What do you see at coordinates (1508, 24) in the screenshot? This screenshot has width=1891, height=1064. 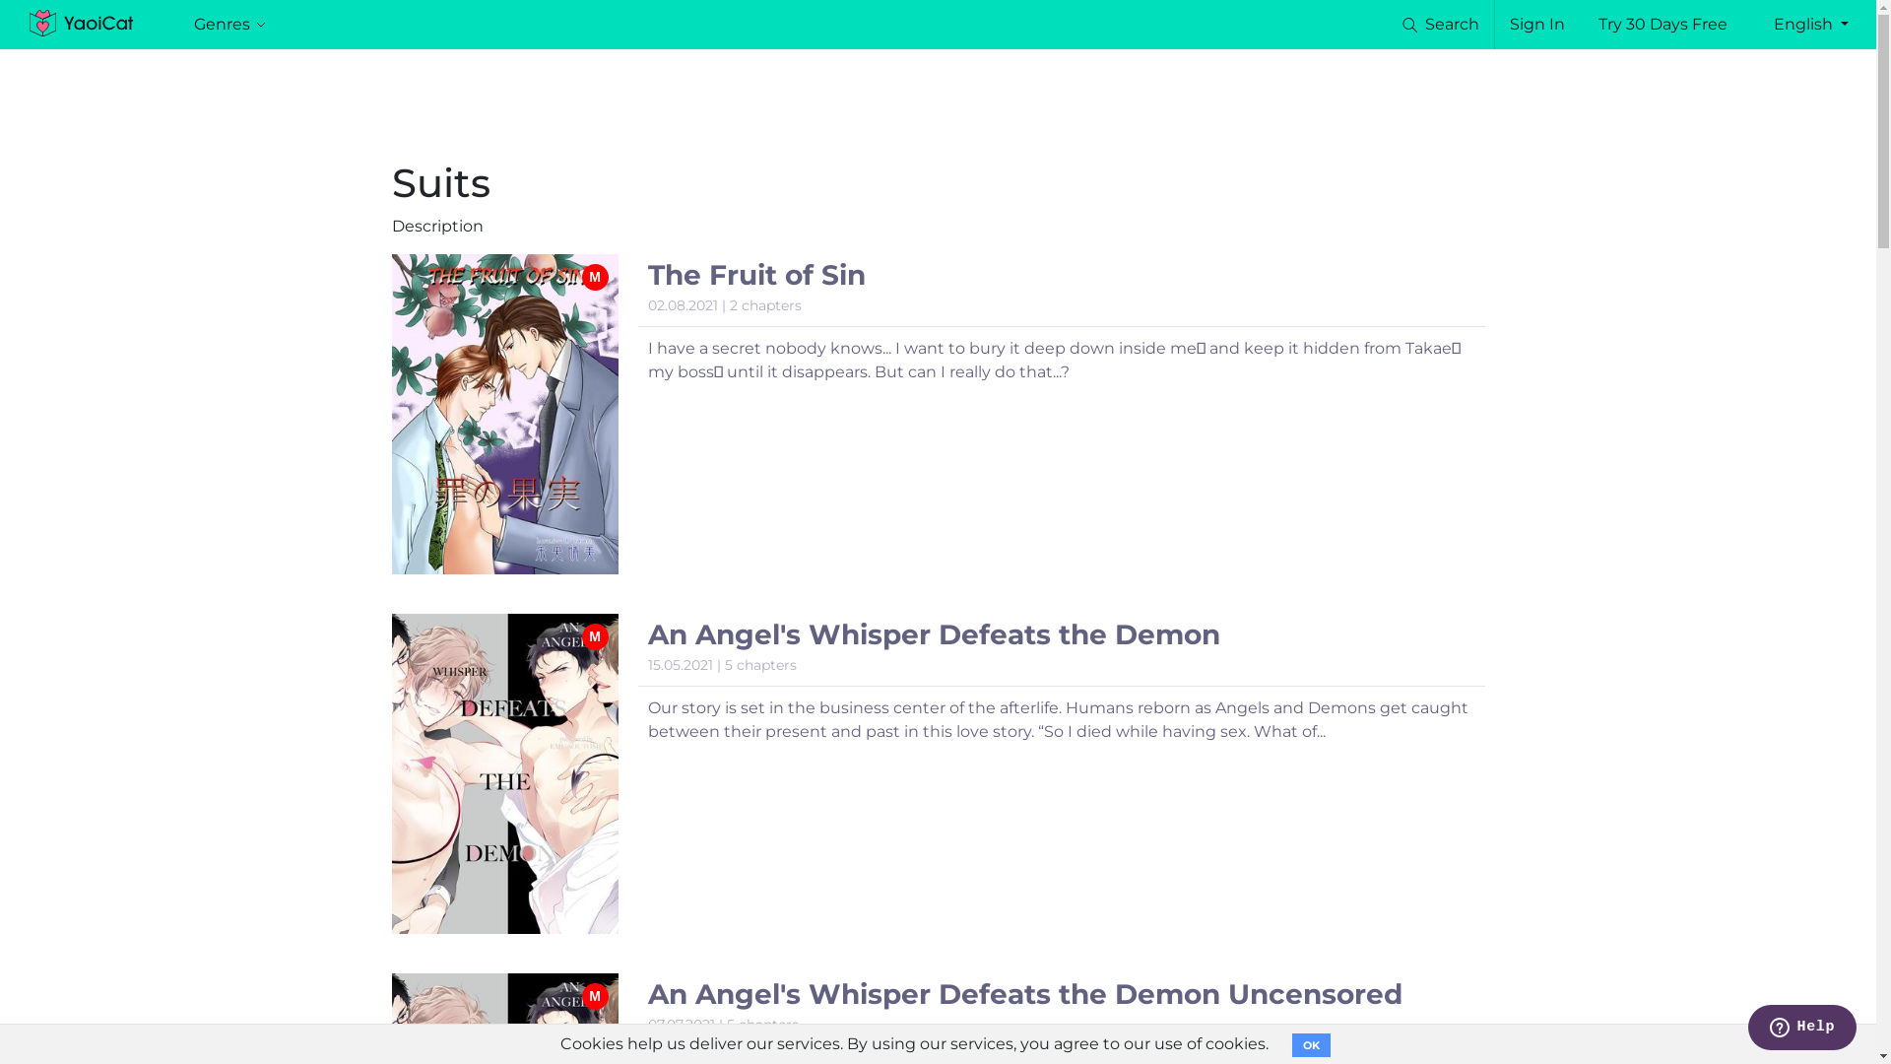 I see `'Sign In'` at bounding box center [1508, 24].